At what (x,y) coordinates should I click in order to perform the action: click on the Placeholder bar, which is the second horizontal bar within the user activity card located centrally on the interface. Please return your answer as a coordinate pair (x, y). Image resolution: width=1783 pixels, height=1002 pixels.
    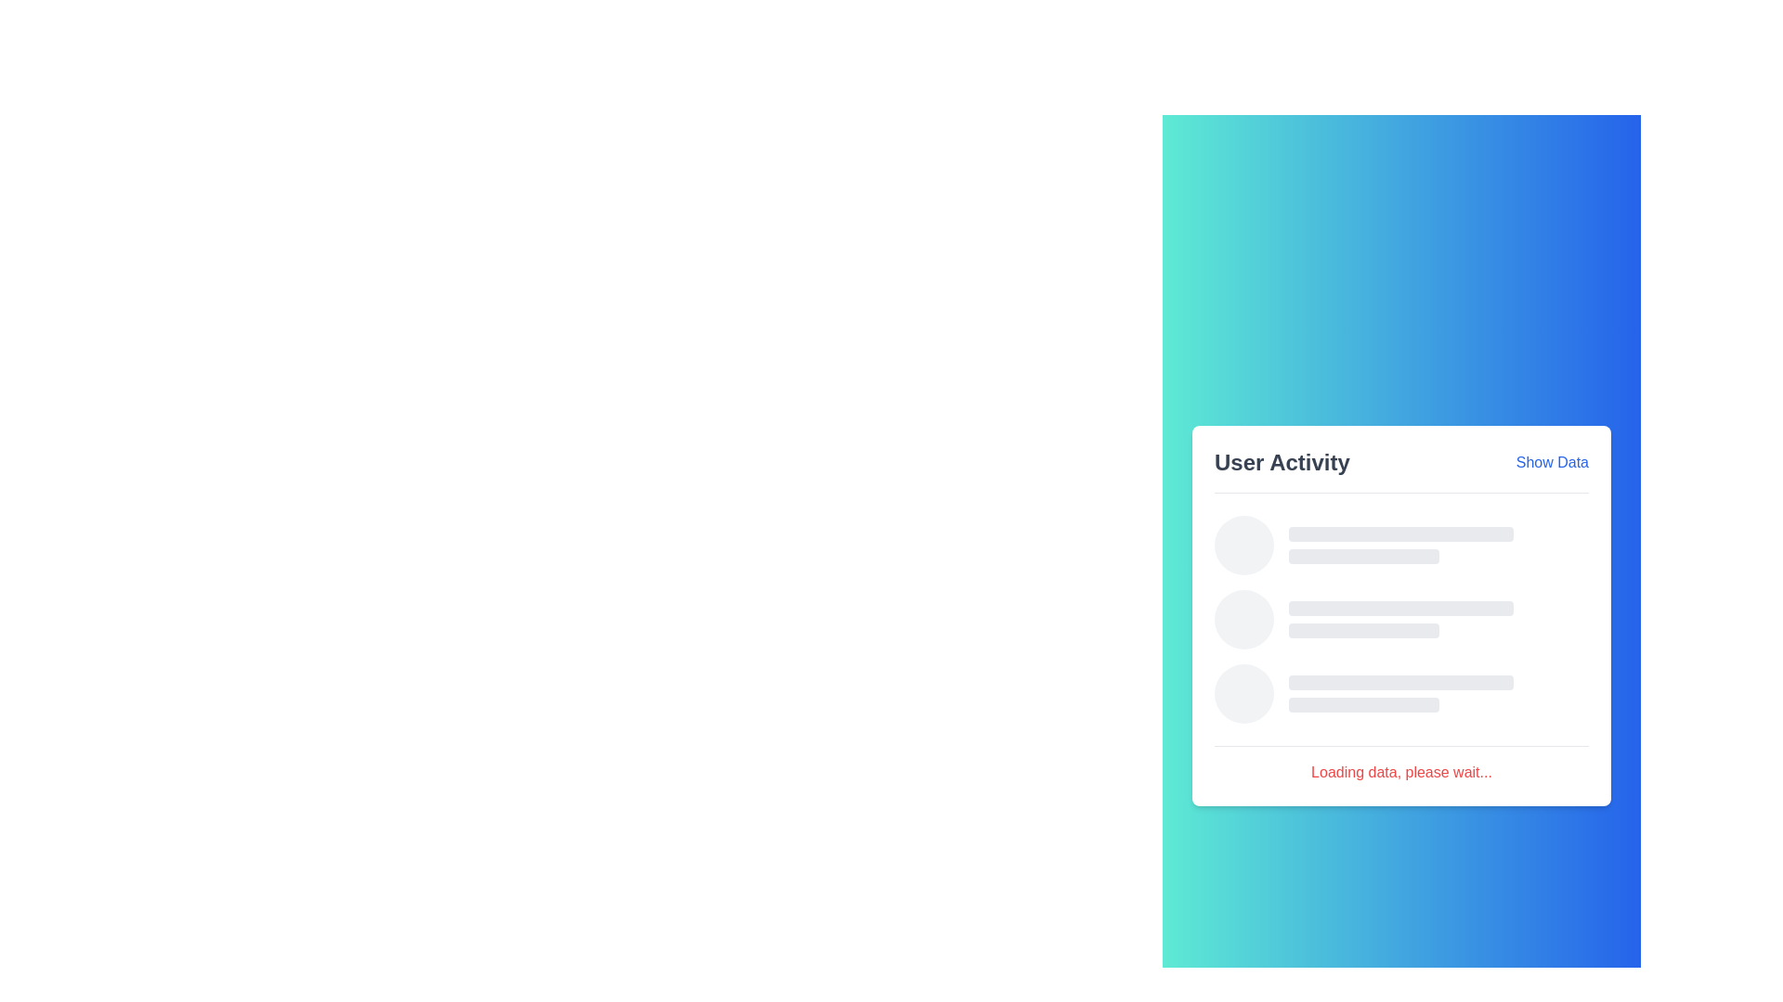
    Looking at the image, I should click on (1363, 556).